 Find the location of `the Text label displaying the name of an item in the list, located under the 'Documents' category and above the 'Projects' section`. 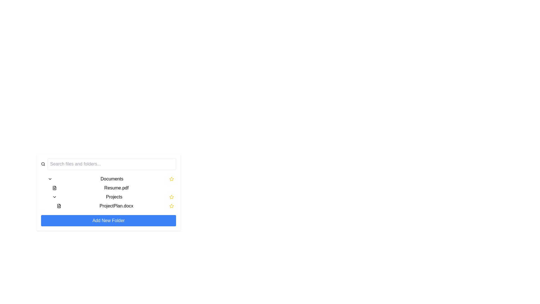

the Text label displaying the name of an item in the list, located under the 'Documents' category and above the 'Projects' section is located at coordinates (116, 188).